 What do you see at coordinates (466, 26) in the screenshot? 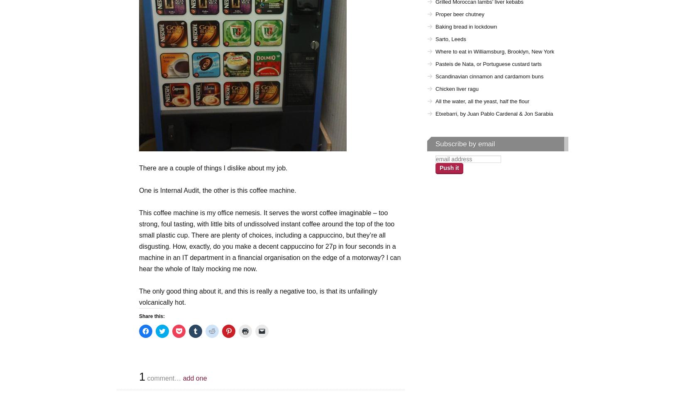
I see `'Baking bread in lockdown'` at bounding box center [466, 26].